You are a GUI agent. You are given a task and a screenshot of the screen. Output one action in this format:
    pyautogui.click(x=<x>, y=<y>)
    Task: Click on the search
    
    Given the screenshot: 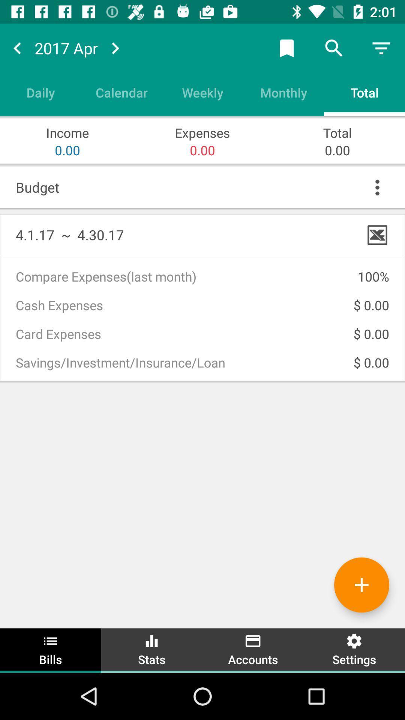 What is the action you would take?
    pyautogui.click(x=334, y=48)
    